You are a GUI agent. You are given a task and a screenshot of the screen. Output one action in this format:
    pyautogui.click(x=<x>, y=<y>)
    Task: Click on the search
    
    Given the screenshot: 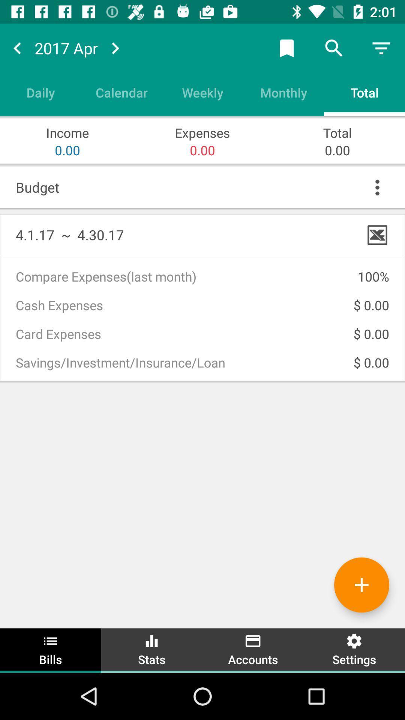 What is the action you would take?
    pyautogui.click(x=334, y=48)
    